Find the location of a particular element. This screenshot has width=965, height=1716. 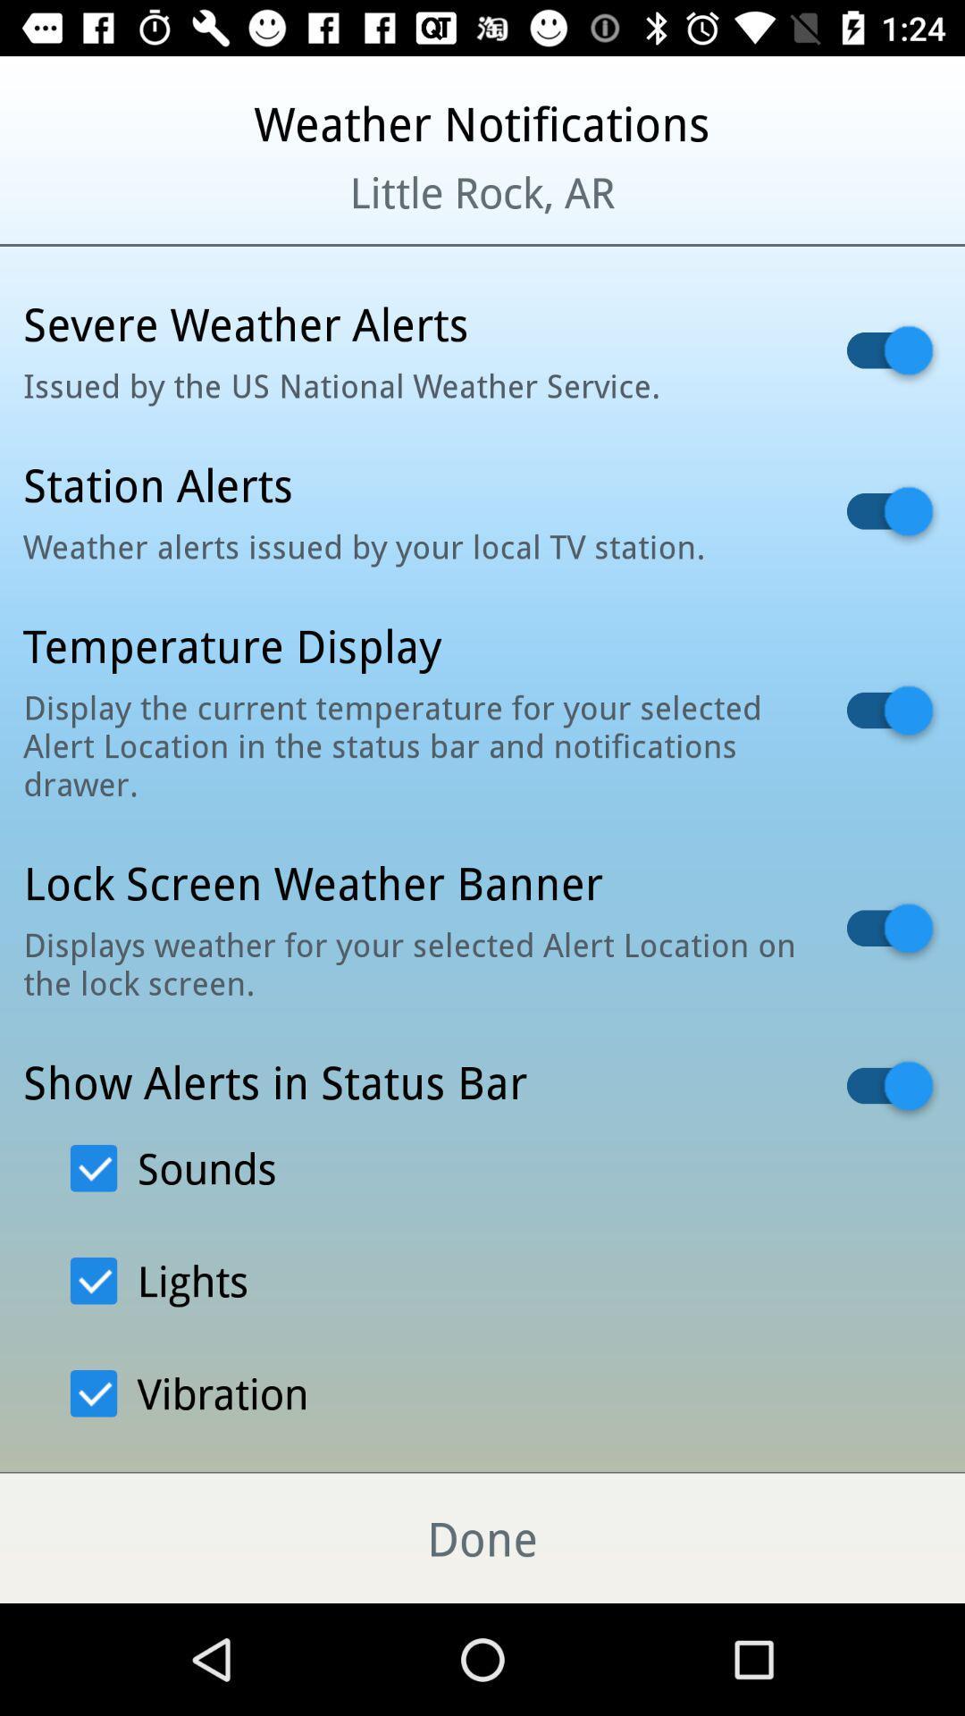

the item below the temperature display item is located at coordinates (412, 745).